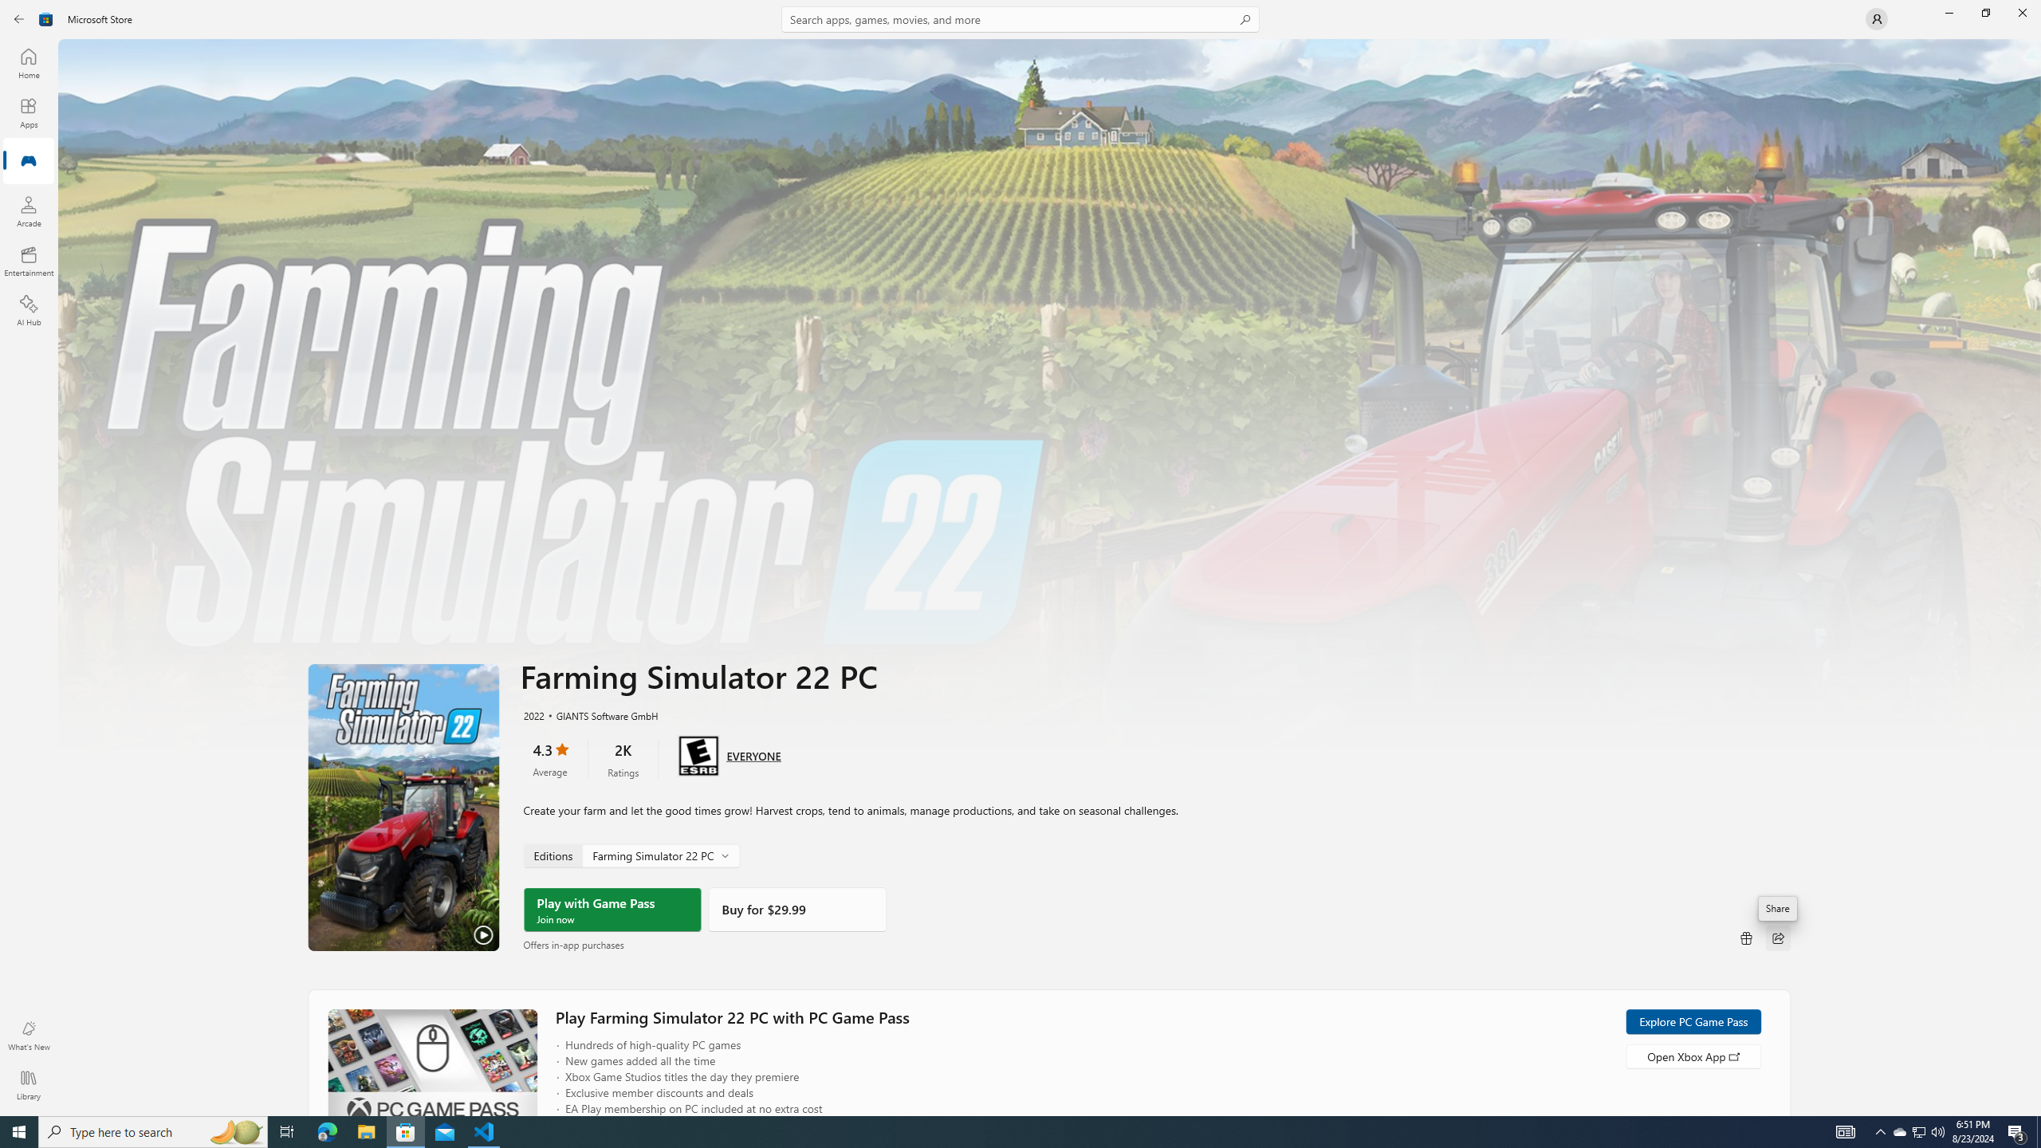 The image size is (2041, 1148). Describe the element at coordinates (1777, 937) in the screenshot. I see `'Share'` at that location.